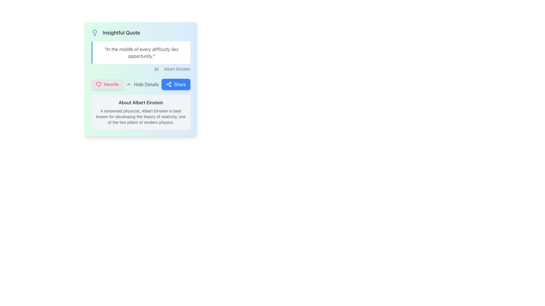 This screenshot has width=545, height=306. What do you see at coordinates (107, 84) in the screenshot?
I see `the leftmost button in the horizontal group beneath the quote card to mark the associated content as a favorite` at bounding box center [107, 84].